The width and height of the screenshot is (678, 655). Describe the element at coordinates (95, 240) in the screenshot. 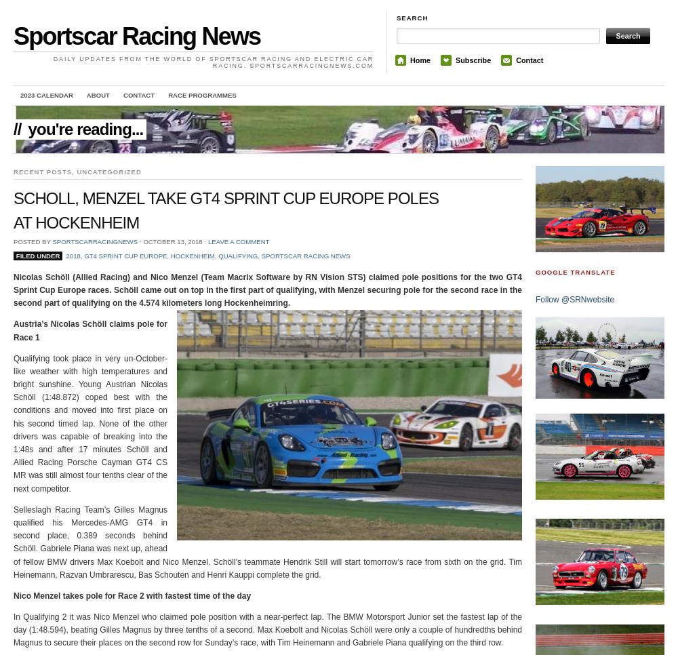

I see `'sportscarracingnews'` at that location.